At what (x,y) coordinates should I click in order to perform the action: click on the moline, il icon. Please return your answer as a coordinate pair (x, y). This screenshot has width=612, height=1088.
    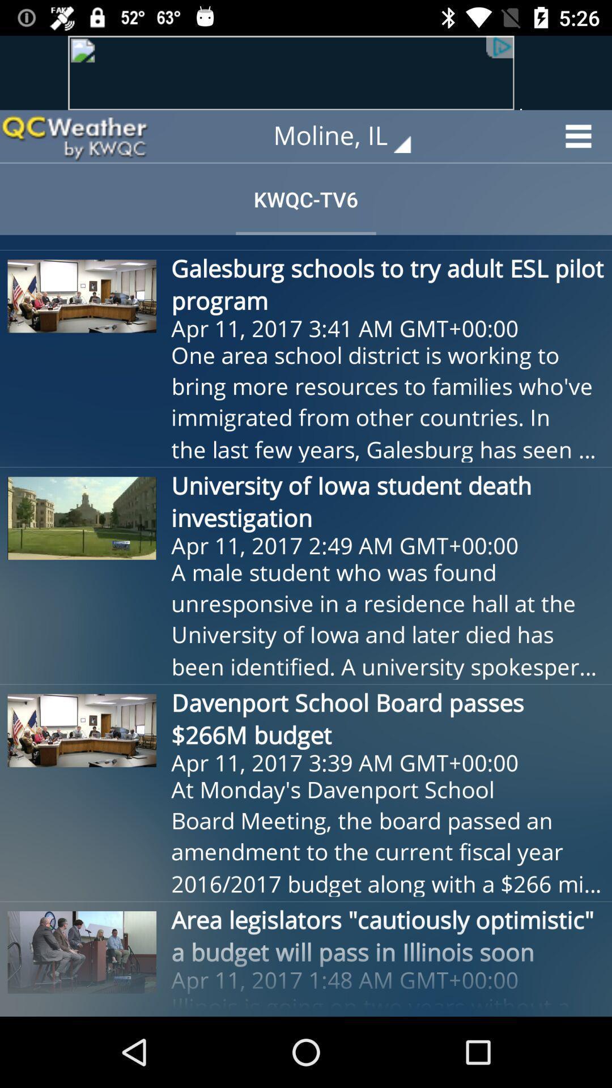
    Looking at the image, I should click on (350, 136).